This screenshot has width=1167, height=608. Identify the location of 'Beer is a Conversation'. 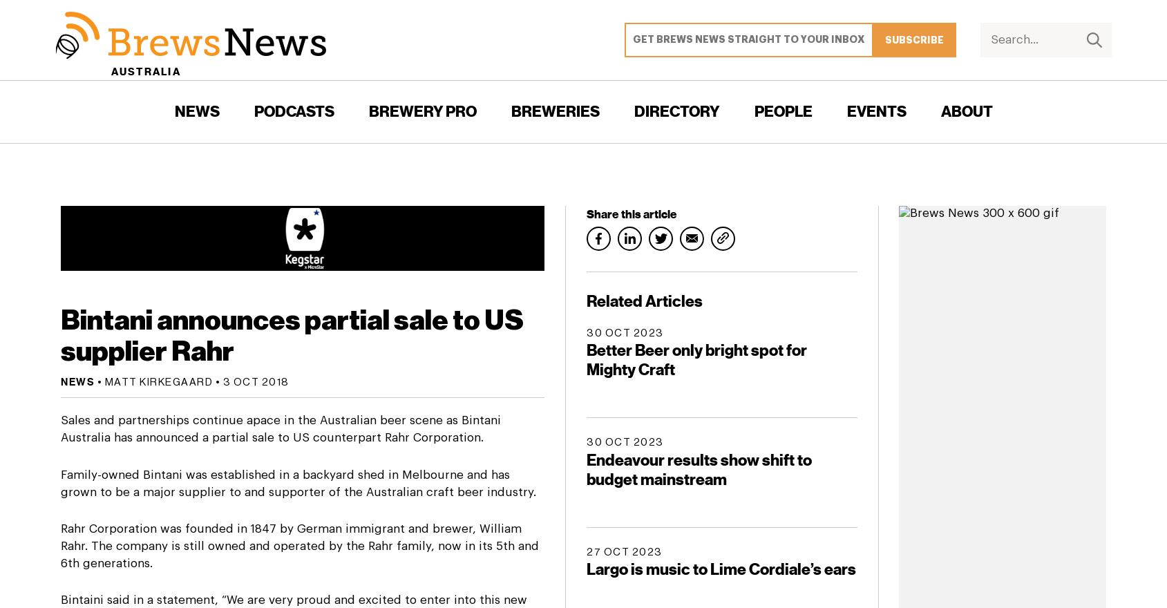
(292, 198).